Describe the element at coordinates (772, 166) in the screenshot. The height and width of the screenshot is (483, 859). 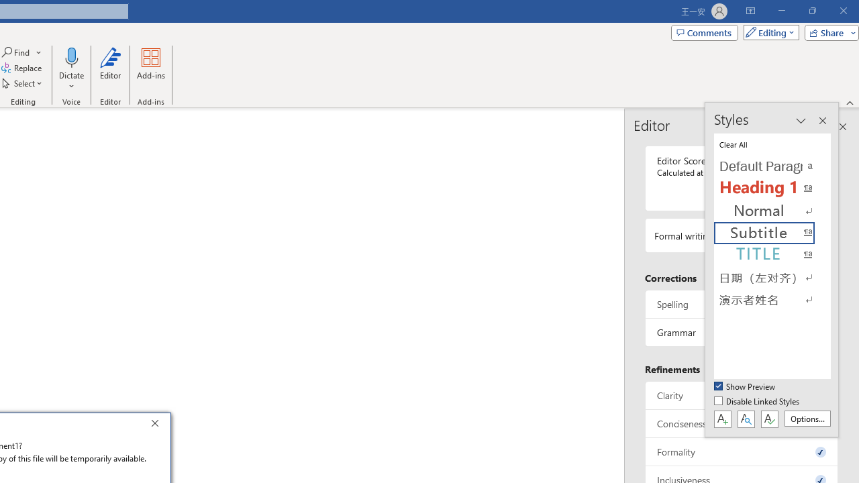
I see `'Default Paragraph Font'` at that location.